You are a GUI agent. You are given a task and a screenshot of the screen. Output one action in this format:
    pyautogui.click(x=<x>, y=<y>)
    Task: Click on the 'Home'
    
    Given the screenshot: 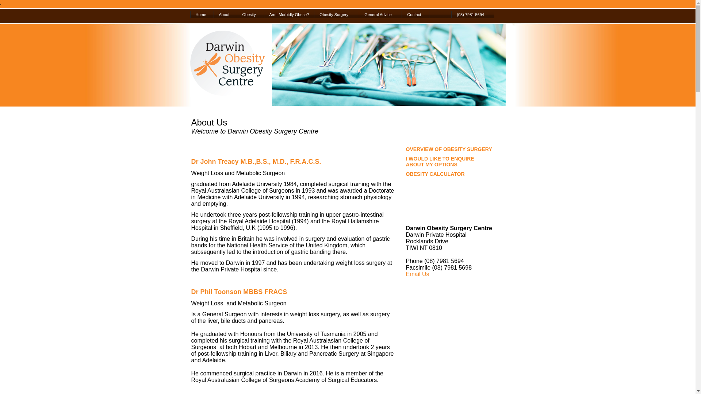 What is the action you would take?
    pyautogui.click(x=202, y=14)
    